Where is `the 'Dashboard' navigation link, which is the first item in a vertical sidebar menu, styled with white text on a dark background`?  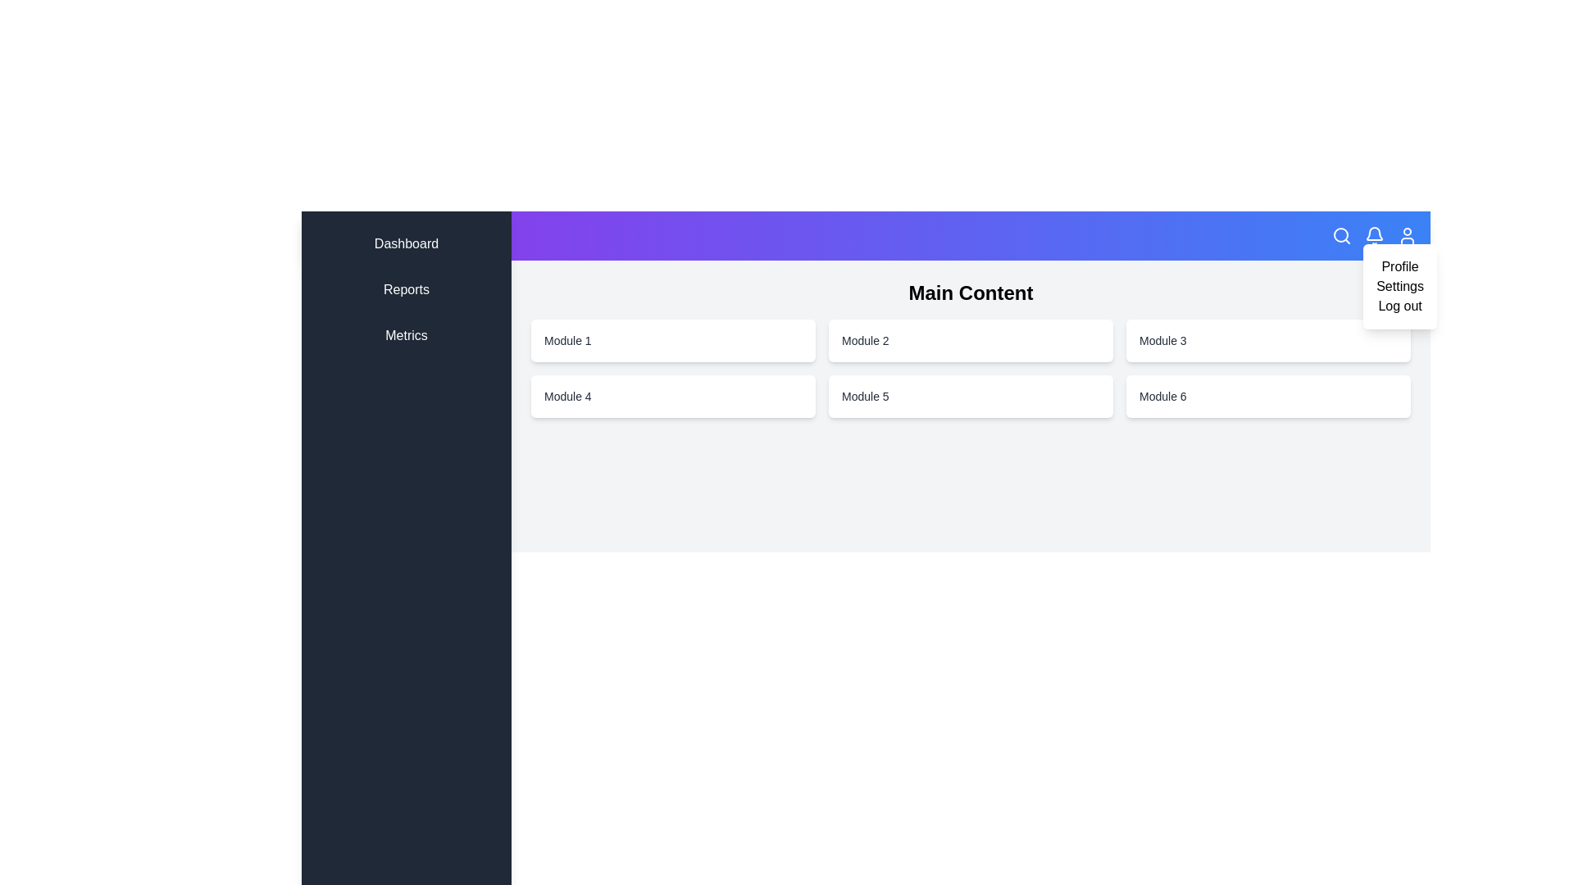 the 'Dashboard' navigation link, which is the first item in a vertical sidebar menu, styled with white text on a dark background is located at coordinates (406, 243).